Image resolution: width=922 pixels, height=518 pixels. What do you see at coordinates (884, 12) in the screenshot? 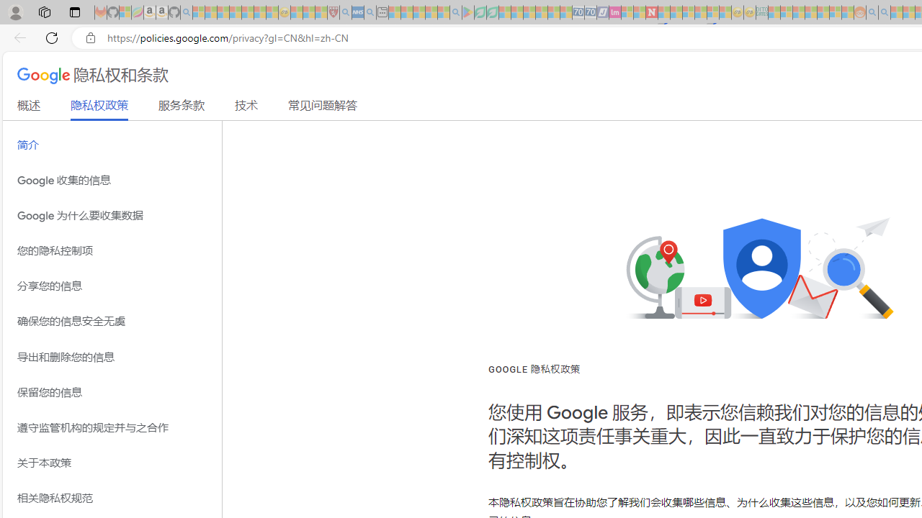
I see `'Utah sues federal government - Search - Sleeping'` at bounding box center [884, 12].